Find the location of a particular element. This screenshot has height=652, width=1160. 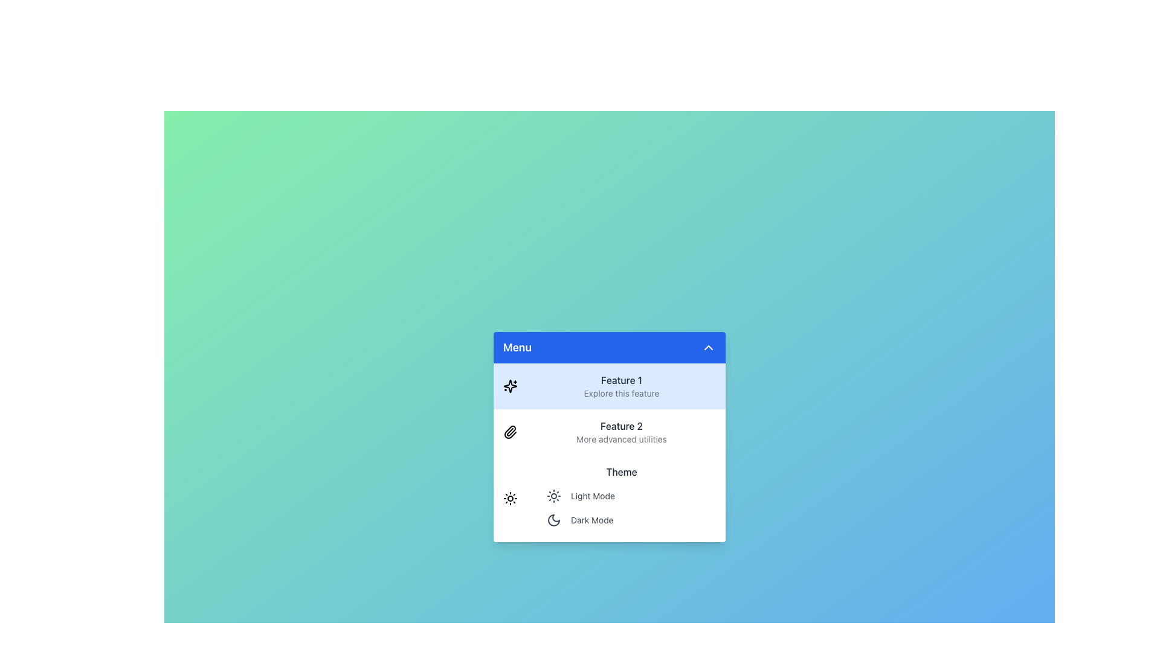

the Dark Mode icon located centrally within the button labeled 'Dark Mode' in the 'Theme' category at the bottom section of the menu interface is located at coordinates (553, 519).